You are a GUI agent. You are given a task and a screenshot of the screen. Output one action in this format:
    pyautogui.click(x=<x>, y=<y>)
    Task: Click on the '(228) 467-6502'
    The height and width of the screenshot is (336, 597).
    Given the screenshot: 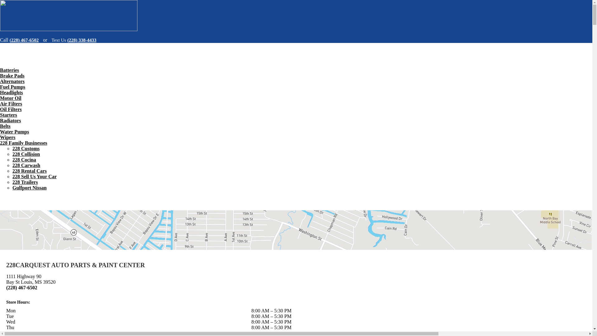 What is the action you would take?
    pyautogui.click(x=25, y=40)
    